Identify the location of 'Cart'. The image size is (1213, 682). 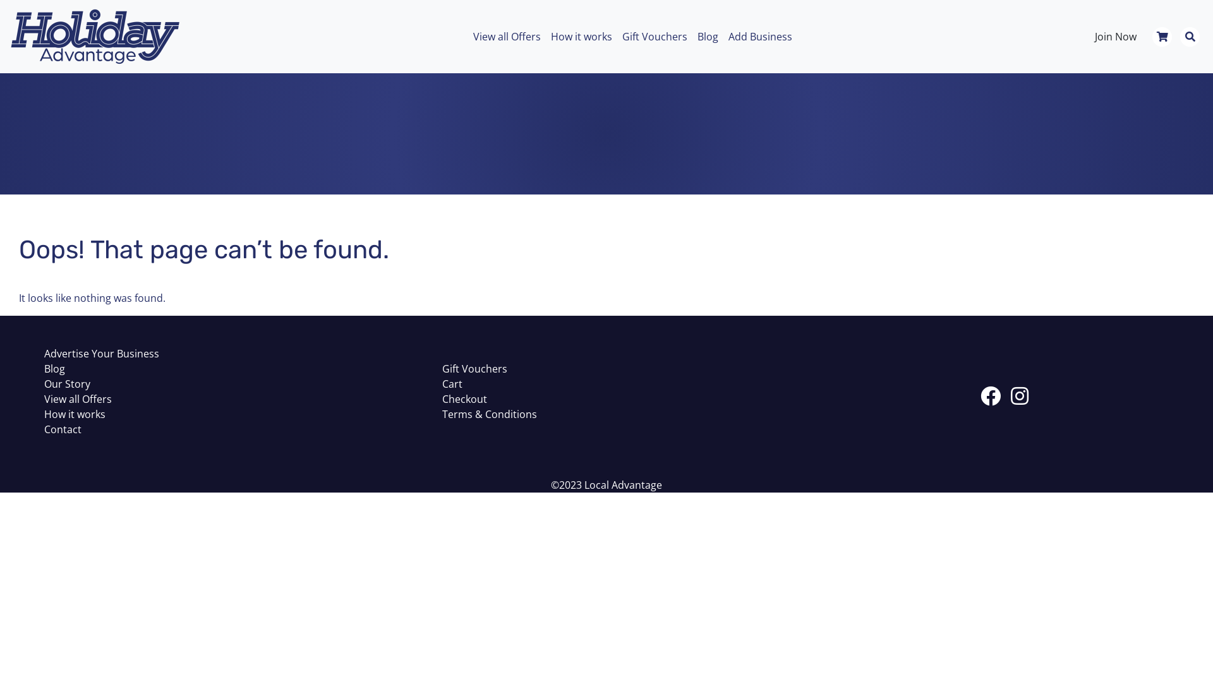
(442, 383).